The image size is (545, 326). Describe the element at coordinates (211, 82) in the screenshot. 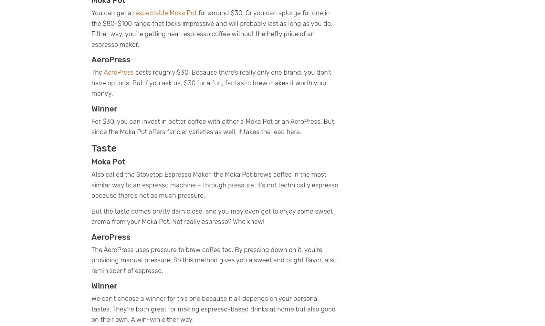

I see `'costs roughly $30. Because there’s really only one brand, you don’t have options. But if you ask us, $30 for a fun, fantastic brew makes it worth your money.'` at that location.